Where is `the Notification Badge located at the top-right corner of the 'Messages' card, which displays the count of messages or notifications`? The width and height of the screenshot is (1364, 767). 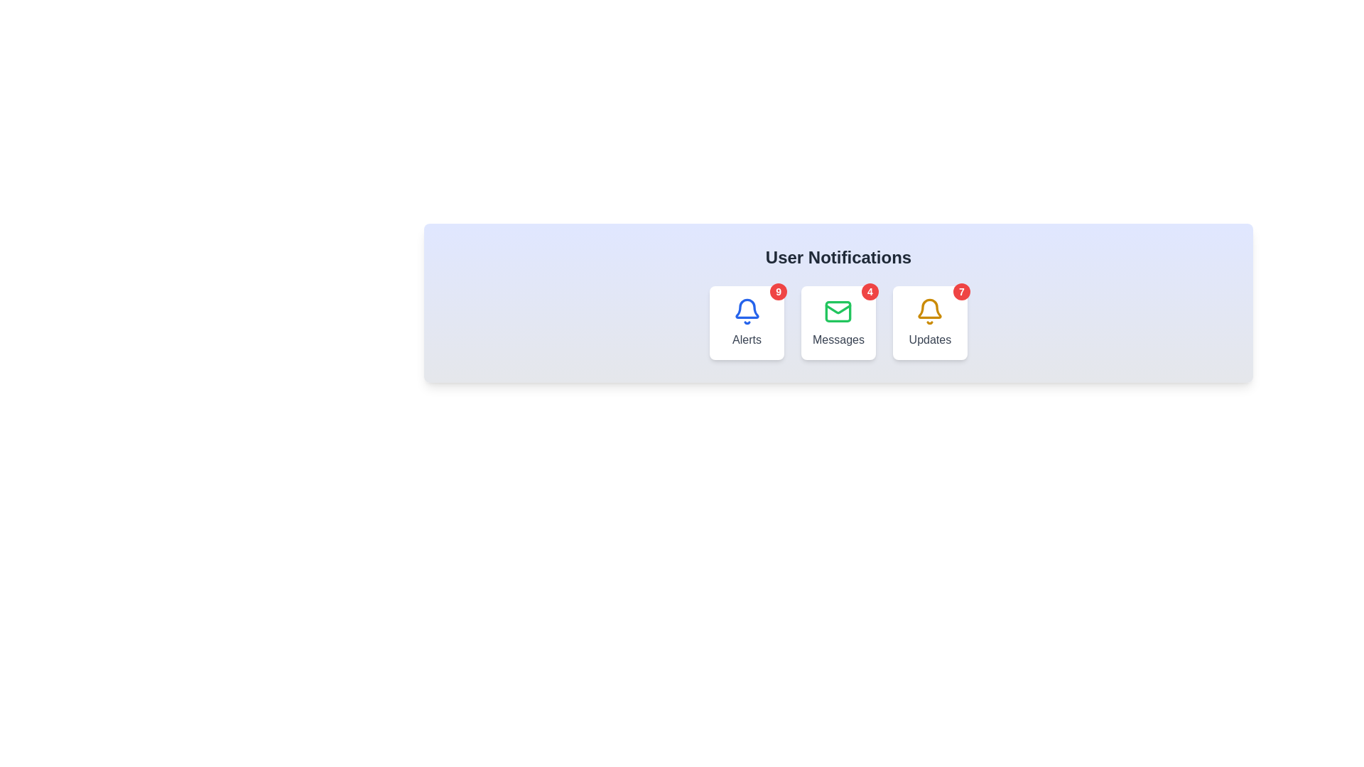
the Notification Badge located at the top-right corner of the 'Messages' card, which displays the count of messages or notifications is located at coordinates (869, 291).